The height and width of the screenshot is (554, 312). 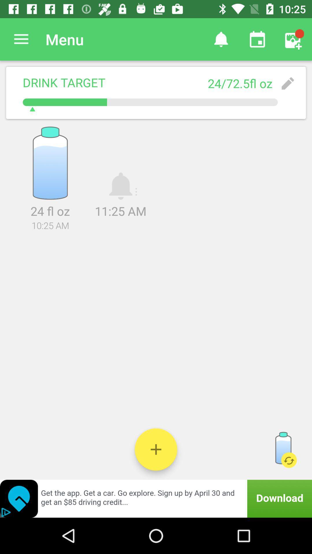 I want to click on icon below the 10:25 am item, so click(x=156, y=272).